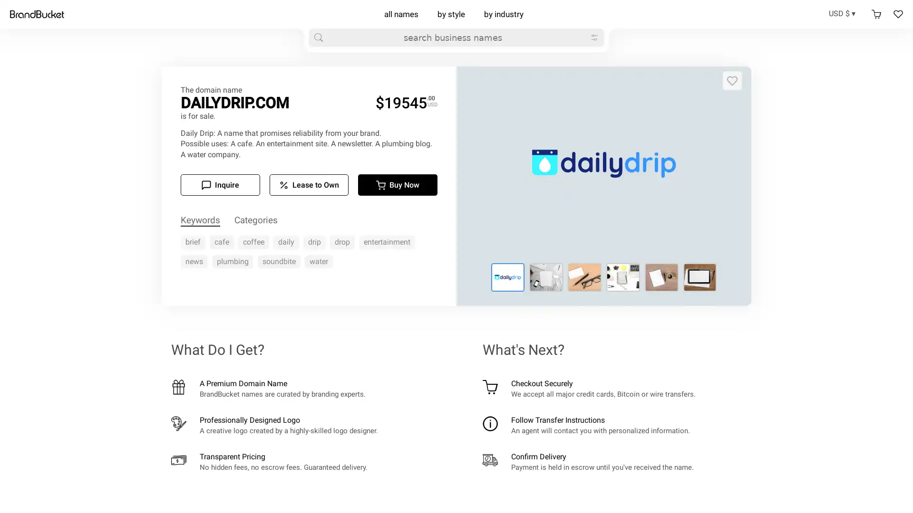 The height and width of the screenshot is (513, 913). Describe the element at coordinates (876, 14) in the screenshot. I see `Shopping cart Shopping cart` at that location.